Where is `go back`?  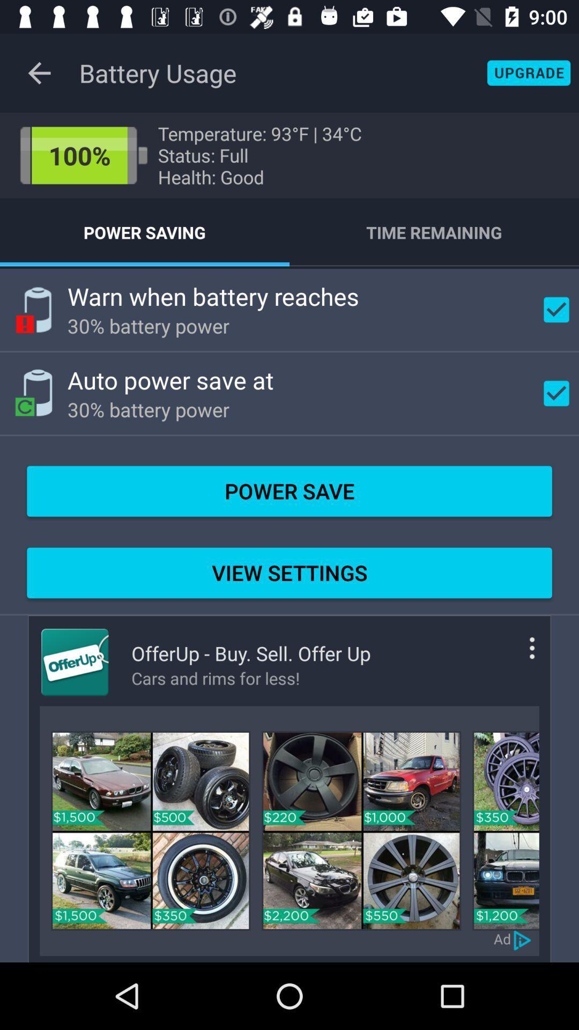 go back is located at coordinates (523, 938).